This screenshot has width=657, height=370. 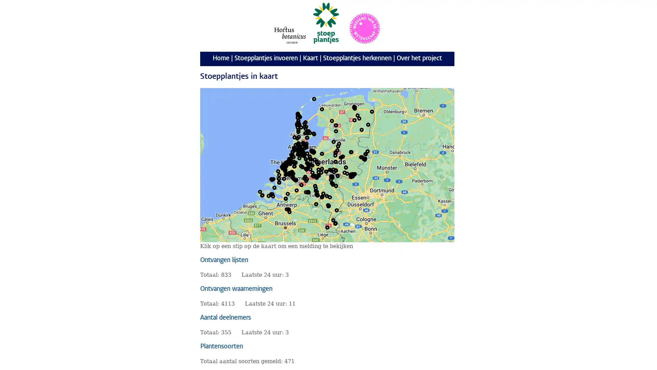 What do you see at coordinates (294, 163) in the screenshot?
I see `Telling van Daphne op 10 juni 2022` at bounding box center [294, 163].